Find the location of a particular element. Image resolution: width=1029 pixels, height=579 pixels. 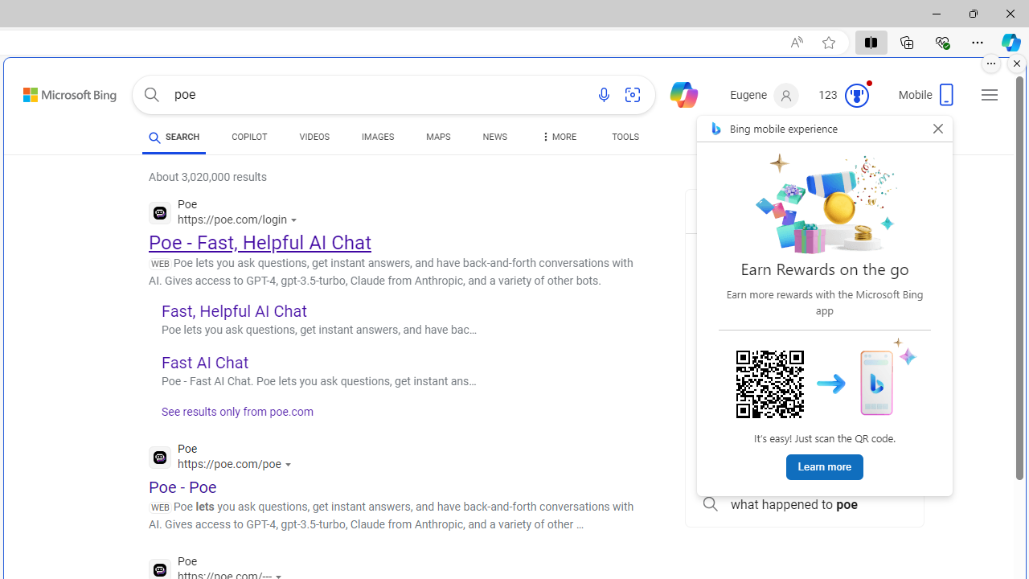

'Global web icon' is located at coordinates (160, 569).